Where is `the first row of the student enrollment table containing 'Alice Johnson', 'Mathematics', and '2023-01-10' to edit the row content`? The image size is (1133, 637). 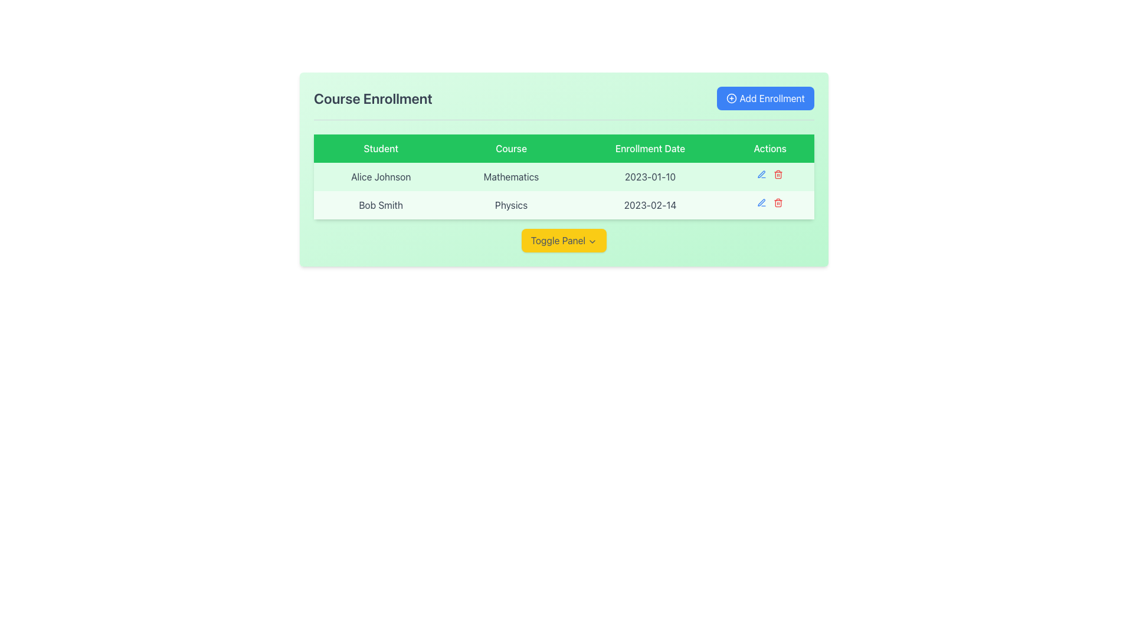
the first row of the student enrollment table containing 'Alice Johnson', 'Mathematics', and '2023-01-10' to edit the row content is located at coordinates (563, 169).